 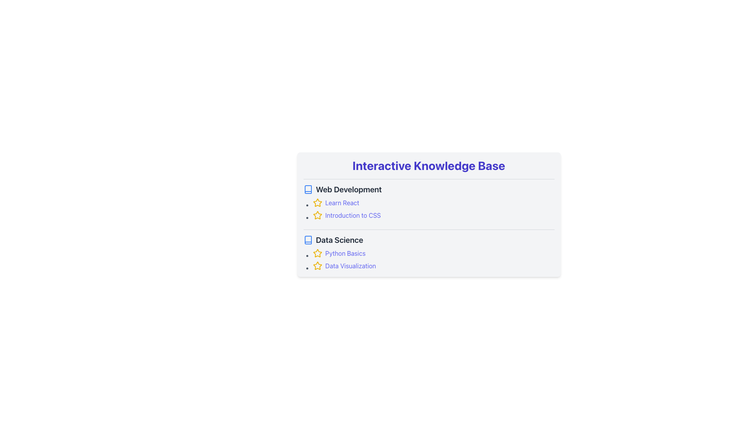 What do you see at coordinates (433, 265) in the screenshot?
I see `the navigational link for 'Data Visualization', which is the second item under the 'Data Science' section of the knowledge base interface` at bounding box center [433, 265].